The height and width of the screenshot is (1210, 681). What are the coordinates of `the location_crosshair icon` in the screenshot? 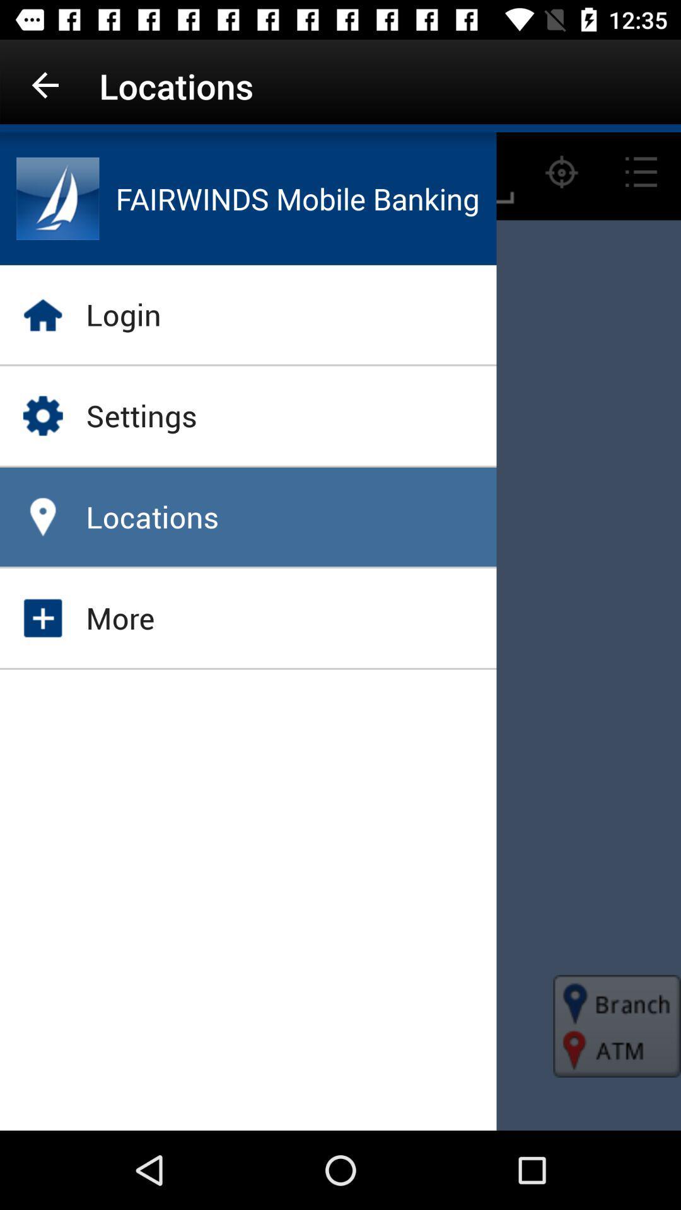 It's located at (561, 171).